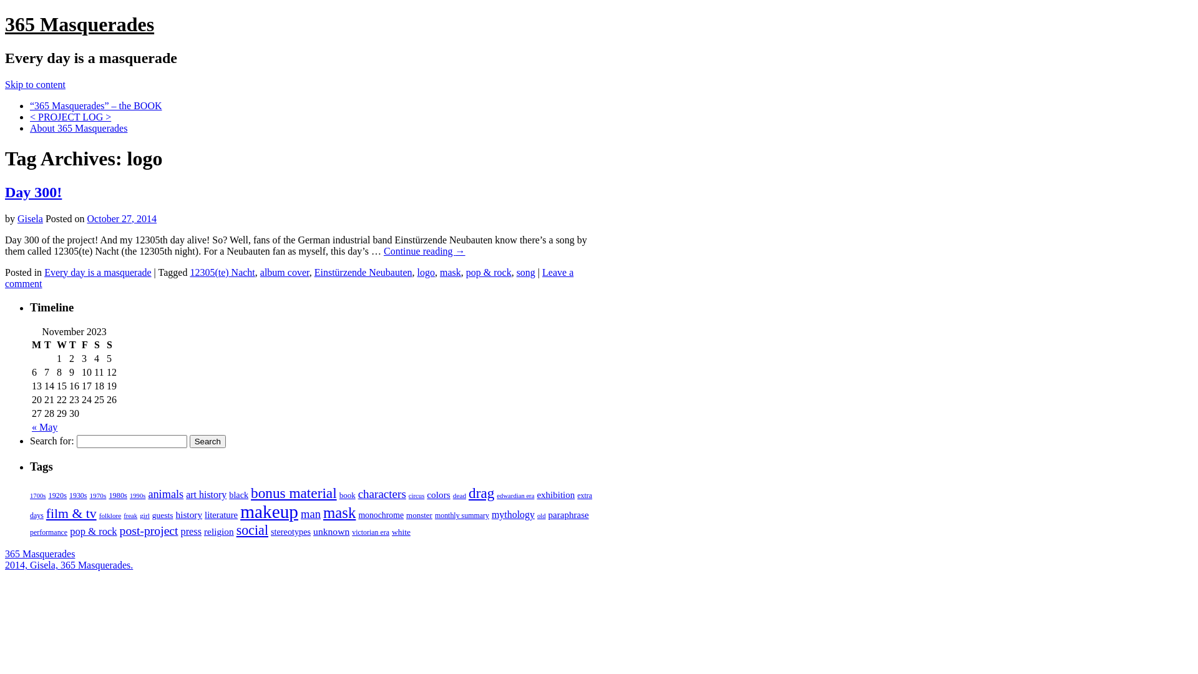  What do you see at coordinates (144, 515) in the screenshot?
I see `'girl'` at bounding box center [144, 515].